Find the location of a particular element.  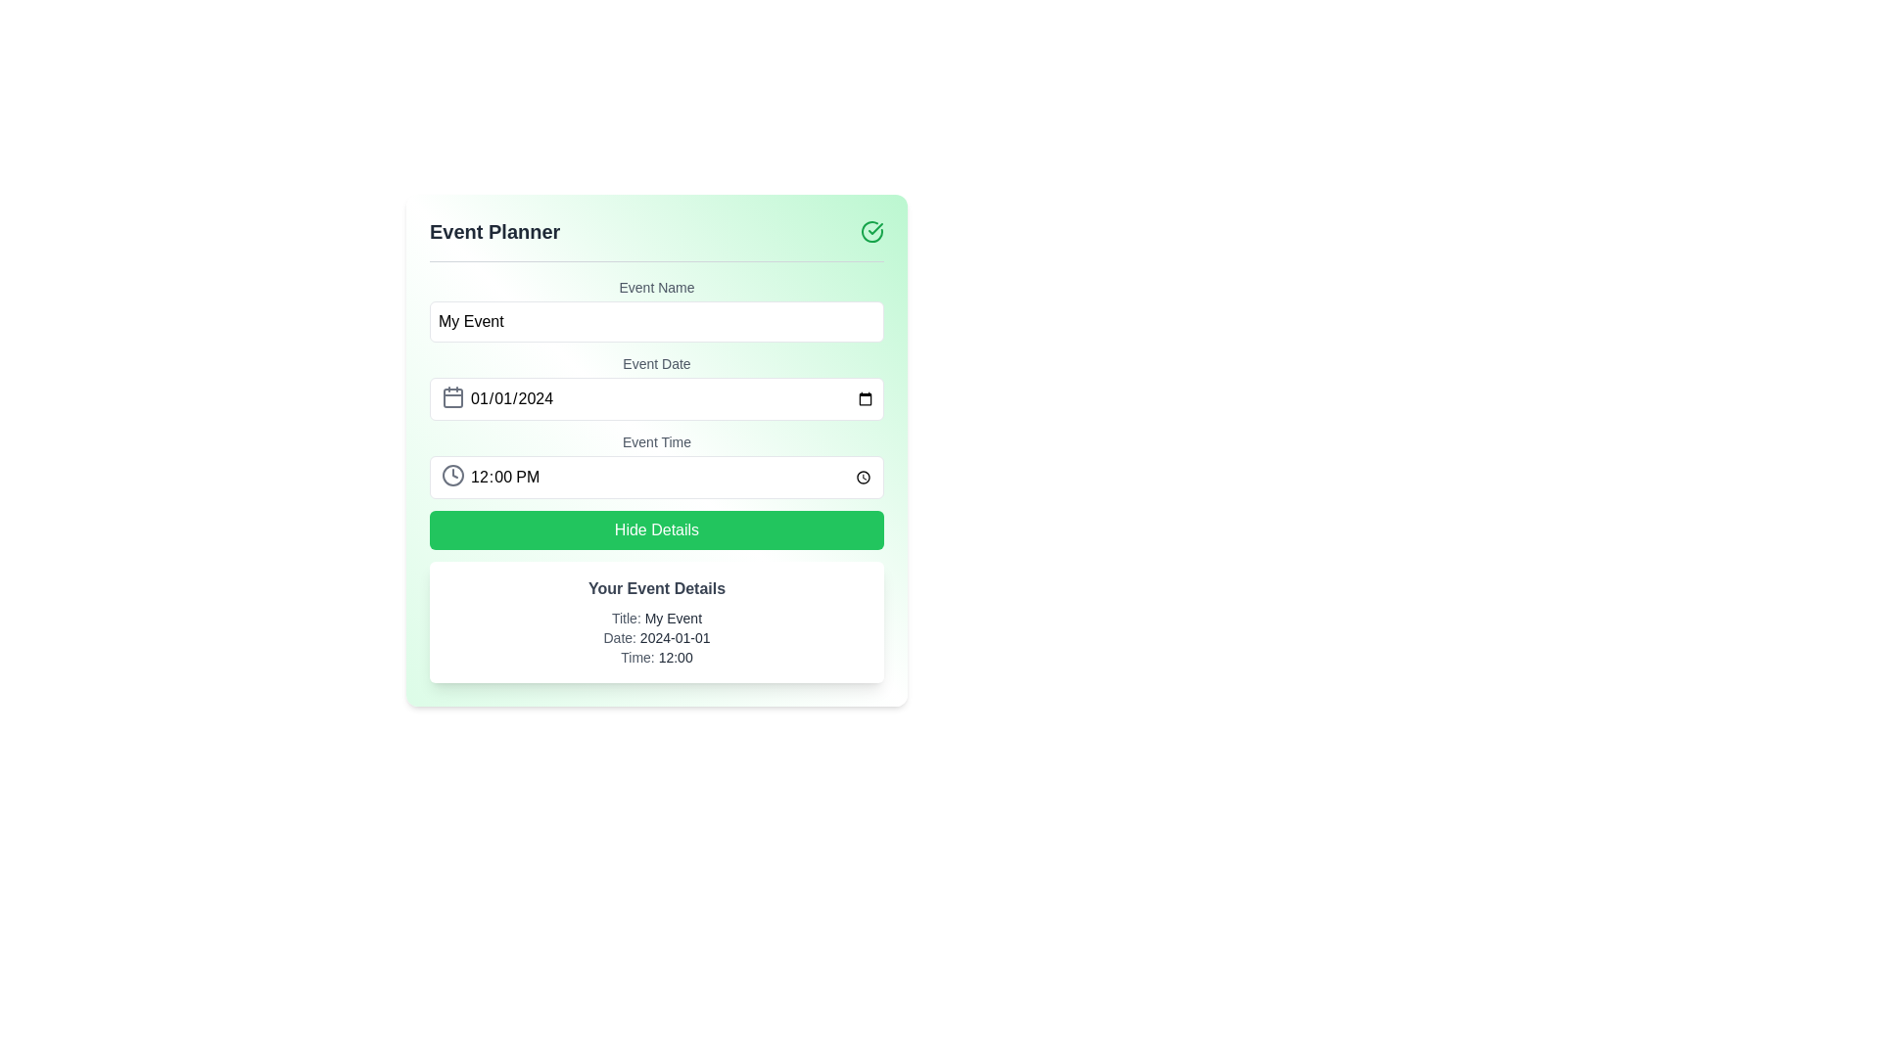

the 'Event Name' labeled input field to focus on it for user input is located at coordinates (657, 308).